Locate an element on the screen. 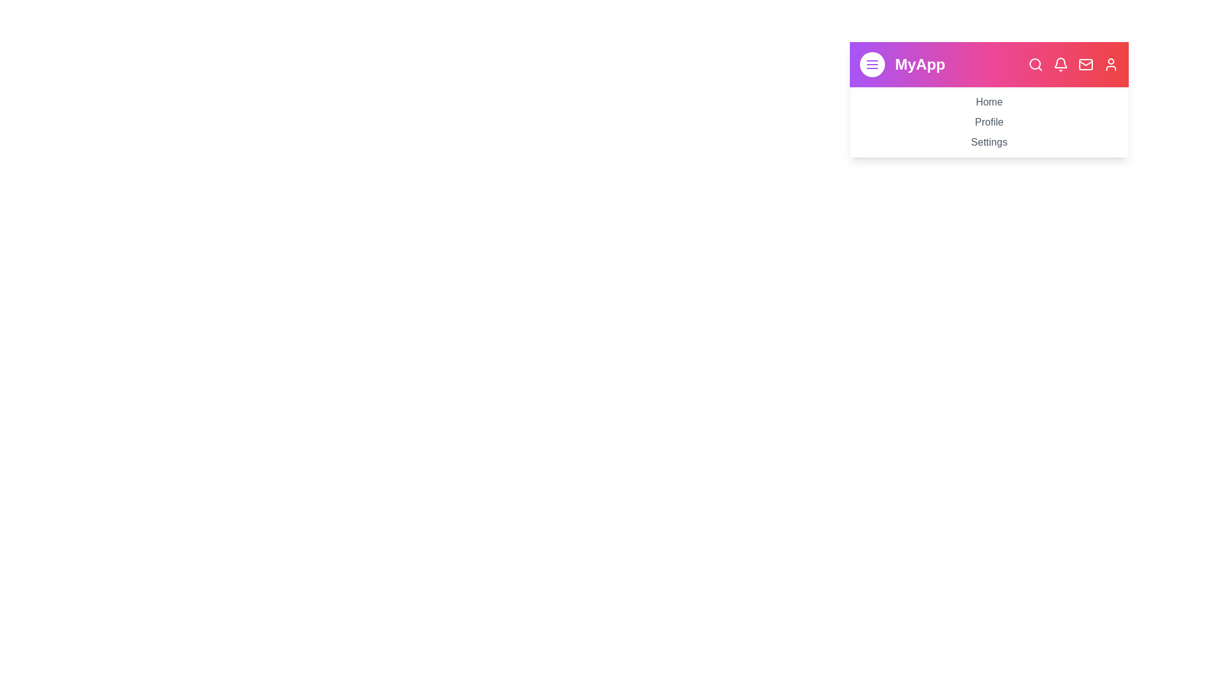  the navigation bar icon corresponding to Messages is located at coordinates (1085, 65).